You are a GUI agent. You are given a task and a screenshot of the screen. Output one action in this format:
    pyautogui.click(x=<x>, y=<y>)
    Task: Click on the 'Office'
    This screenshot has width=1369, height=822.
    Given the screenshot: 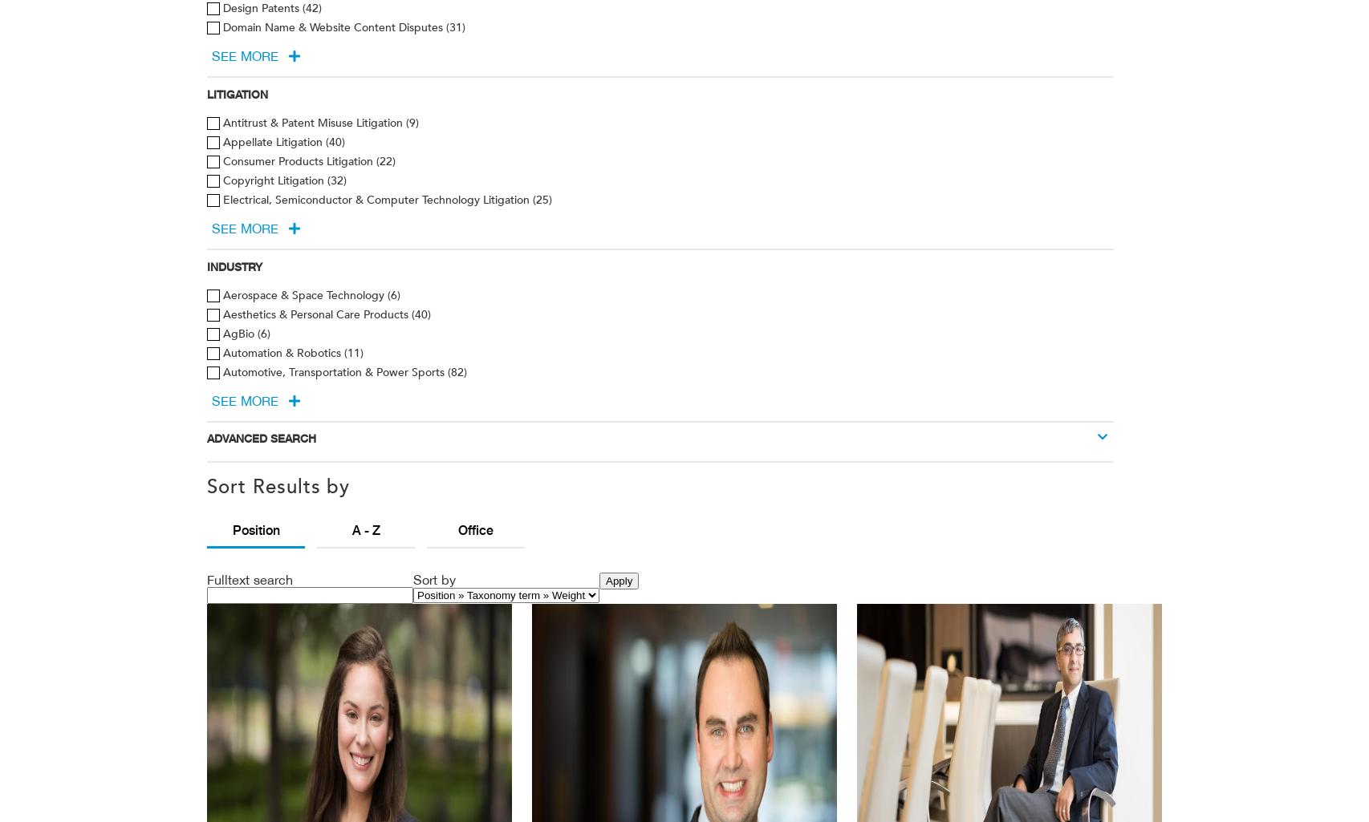 What is the action you would take?
    pyautogui.click(x=475, y=529)
    